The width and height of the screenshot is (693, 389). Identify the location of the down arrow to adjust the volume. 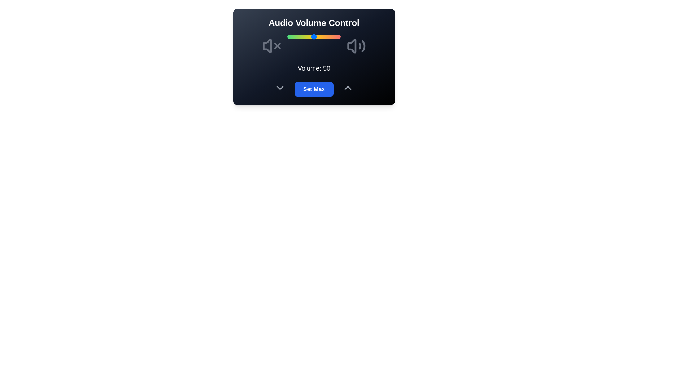
(280, 87).